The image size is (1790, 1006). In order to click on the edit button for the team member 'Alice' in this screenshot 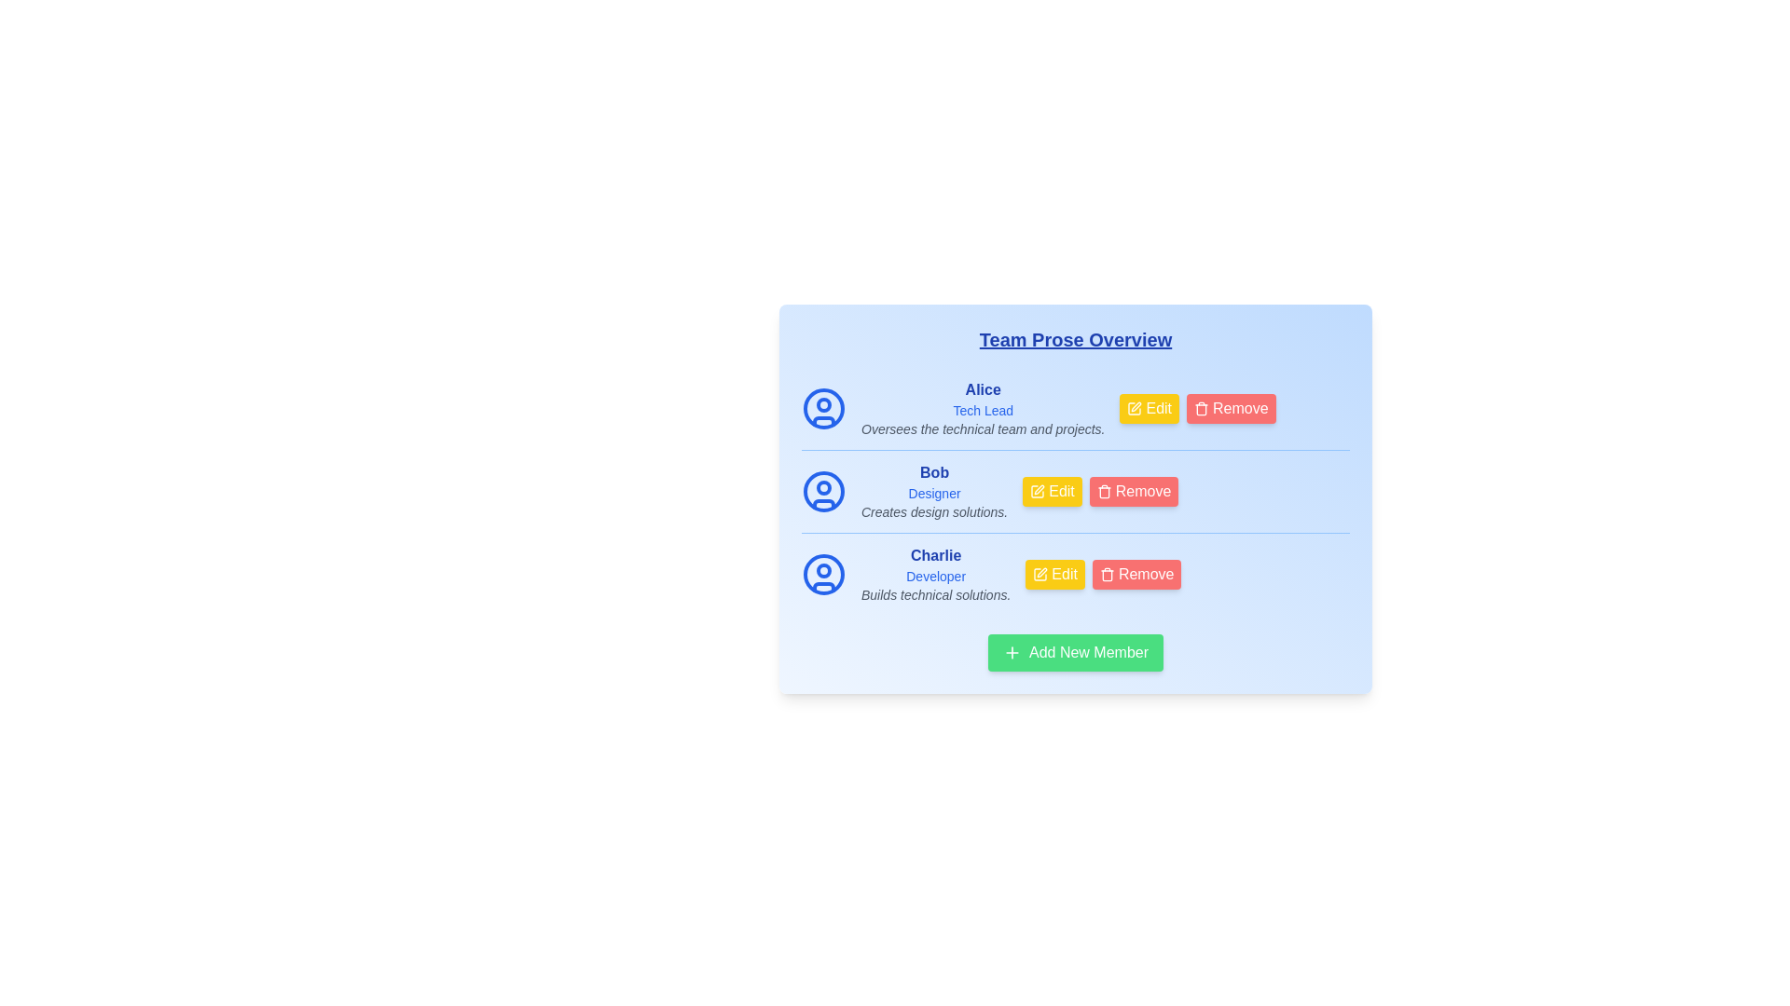, I will do `click(1149, 408)`.